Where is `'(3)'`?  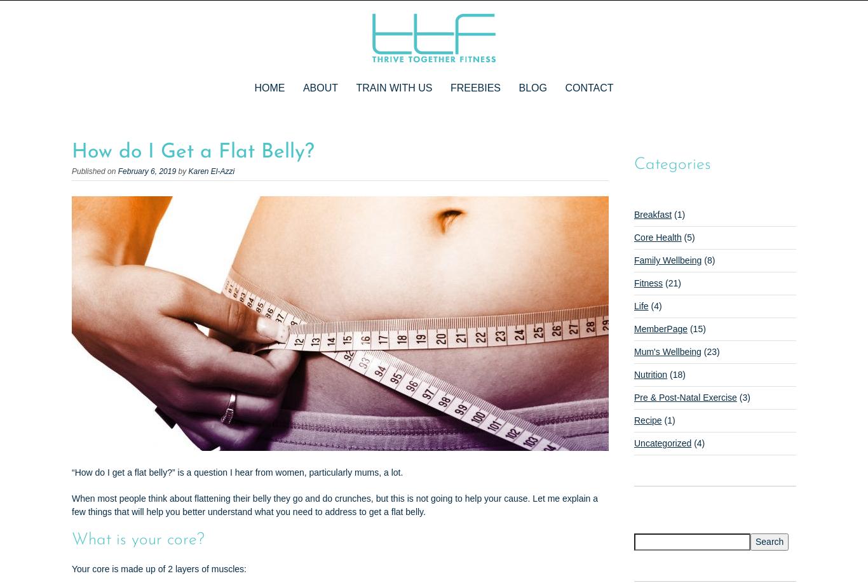 '(3)' is located at coordinates (743, 397).